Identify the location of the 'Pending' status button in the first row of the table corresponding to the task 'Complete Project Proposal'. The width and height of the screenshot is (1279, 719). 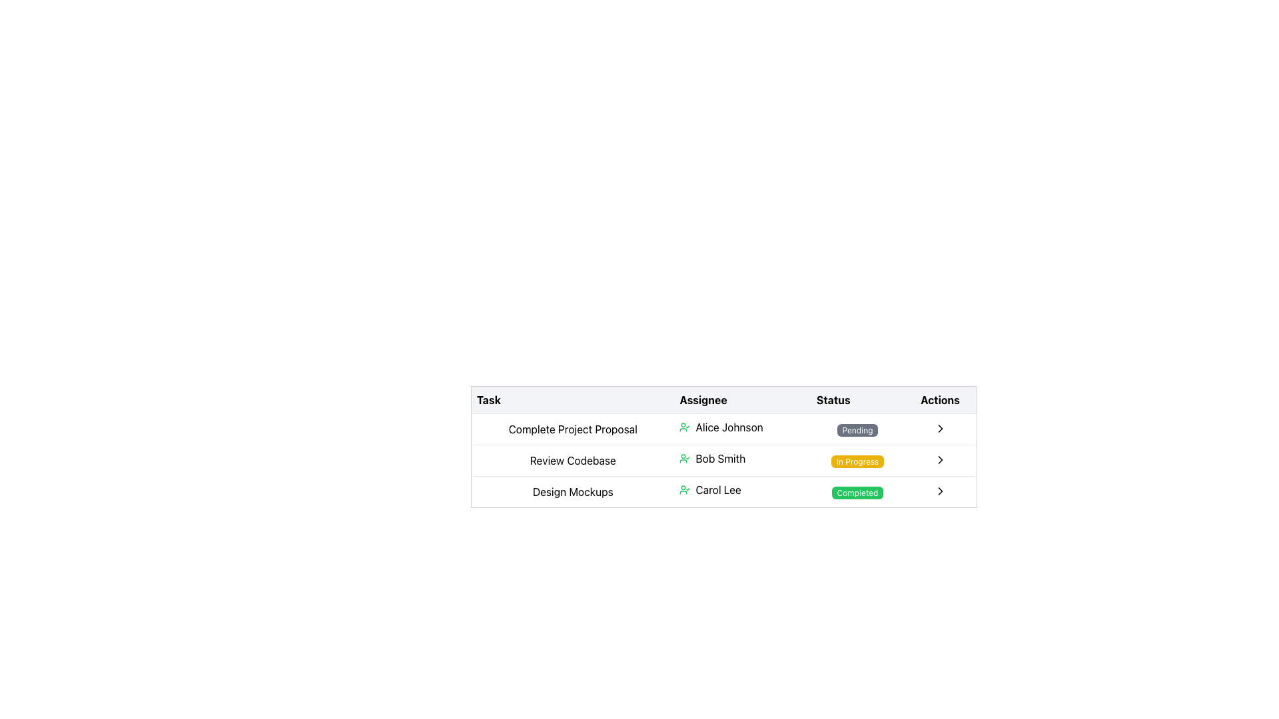
(857, 430).